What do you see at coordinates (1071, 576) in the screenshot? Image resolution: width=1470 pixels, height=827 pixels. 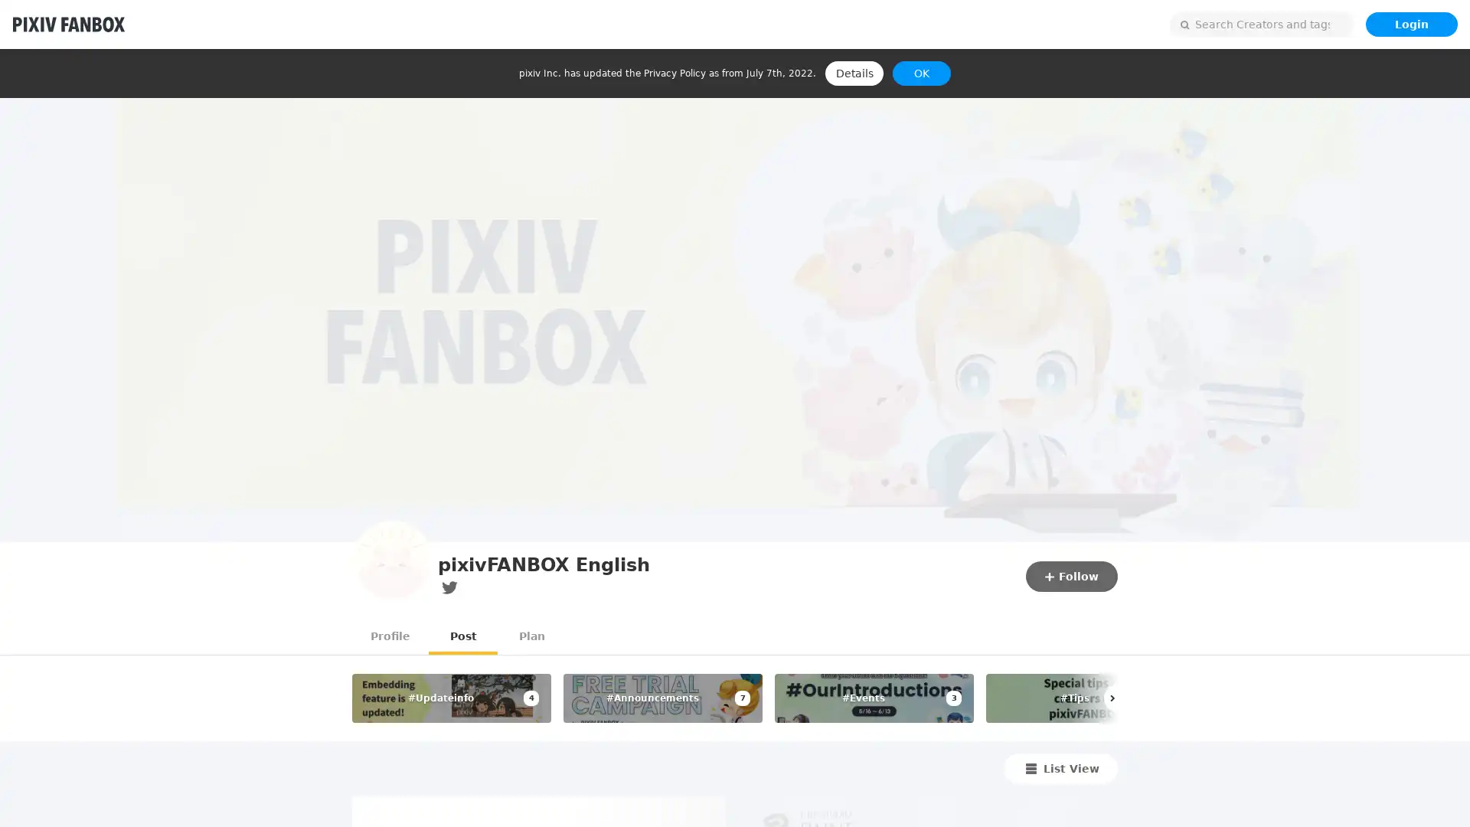 I see `Follow` at bounding box center [1071, 576].